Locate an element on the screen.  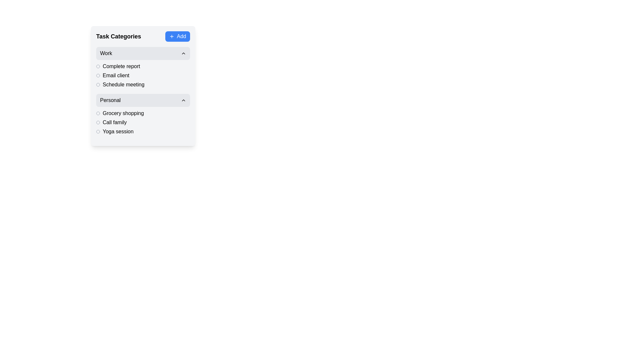
the chevron indicator at the right end of the 'Personal' category bar is located at coordinates (183, 100).